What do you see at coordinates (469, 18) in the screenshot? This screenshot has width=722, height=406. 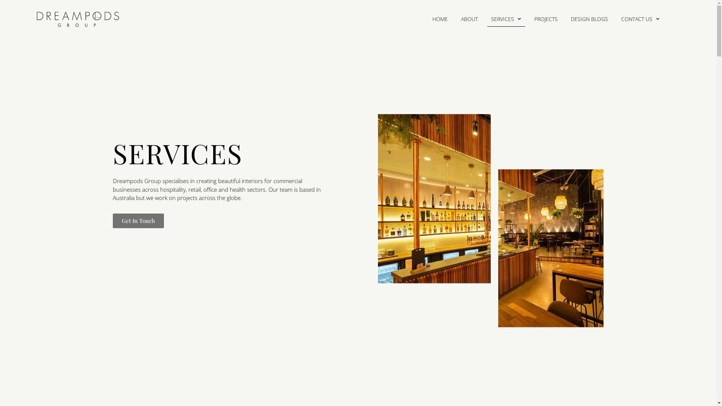 I see `'ABOUT'` at bounding box center [469, 18].